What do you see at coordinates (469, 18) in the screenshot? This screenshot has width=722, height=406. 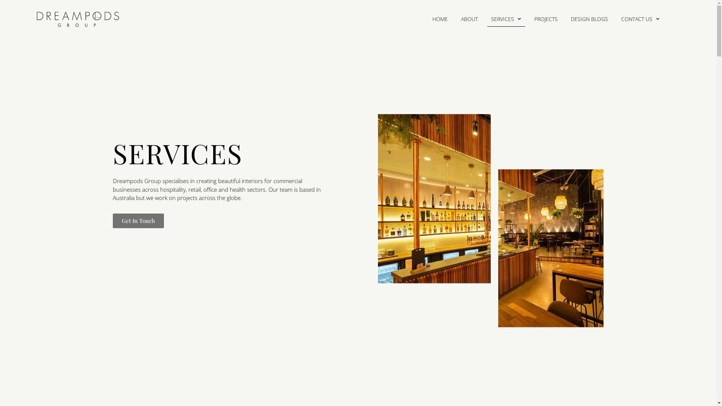 I see `'ABOUT'` at bounding box center [469, 18].